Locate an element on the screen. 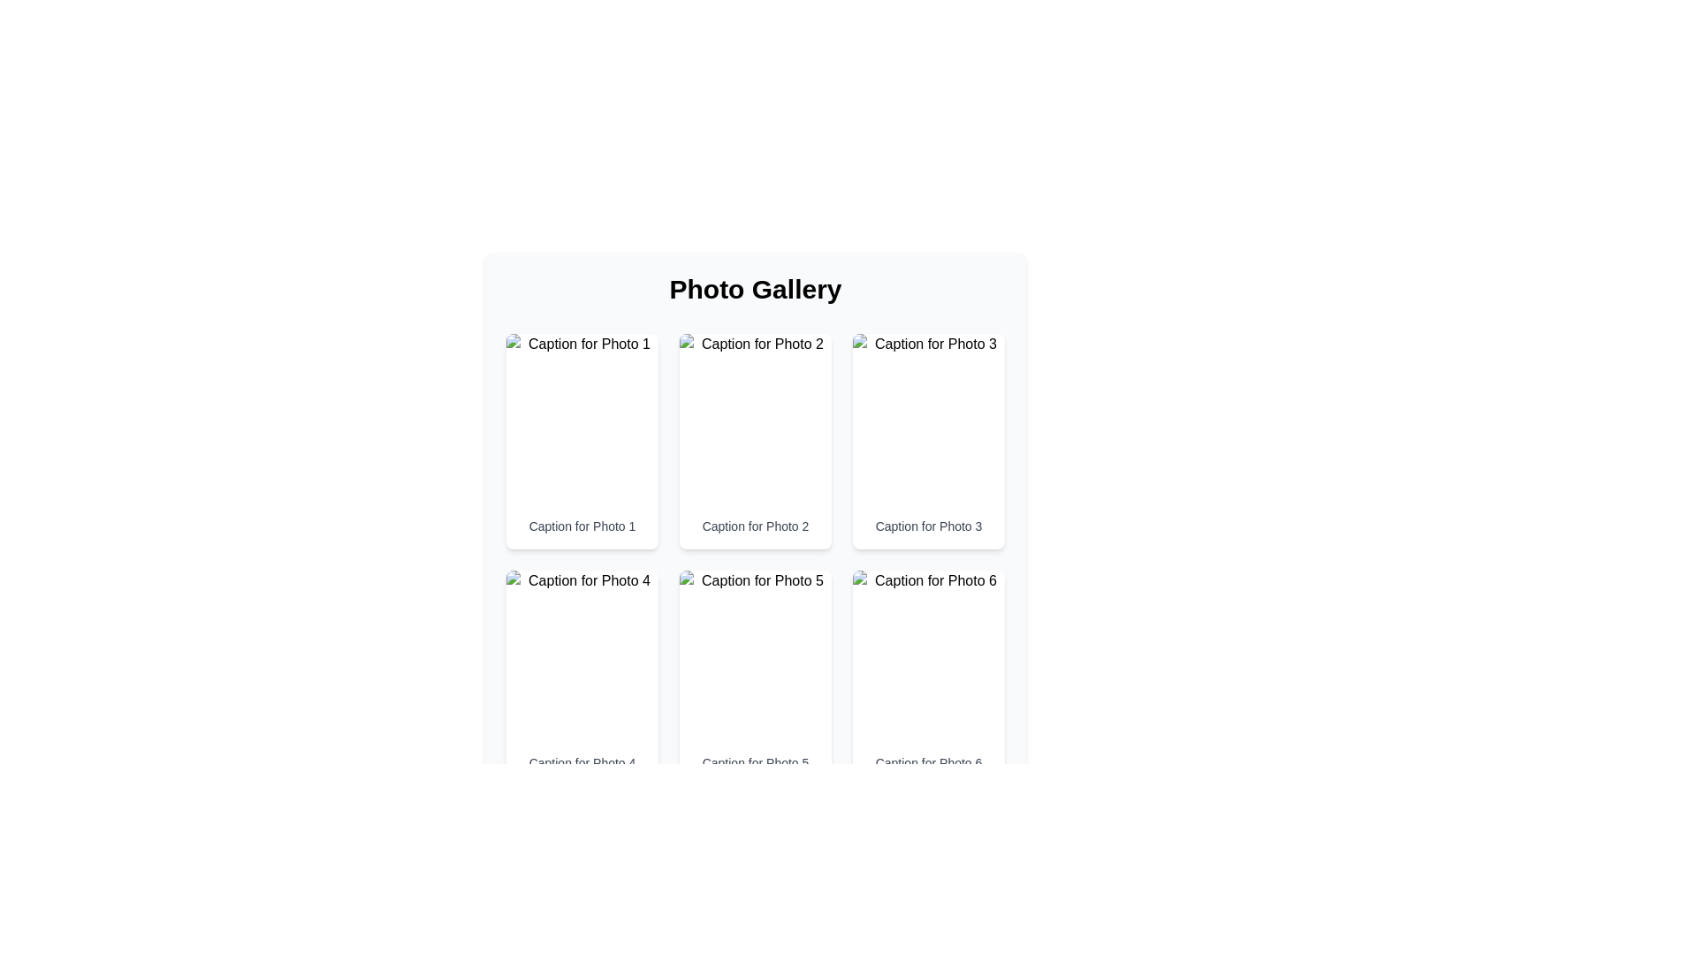 The width and height of the screenshot is (1697, 954). the static text label for the sixth photo in the gallery for copying is located at coordinates (928, 762).